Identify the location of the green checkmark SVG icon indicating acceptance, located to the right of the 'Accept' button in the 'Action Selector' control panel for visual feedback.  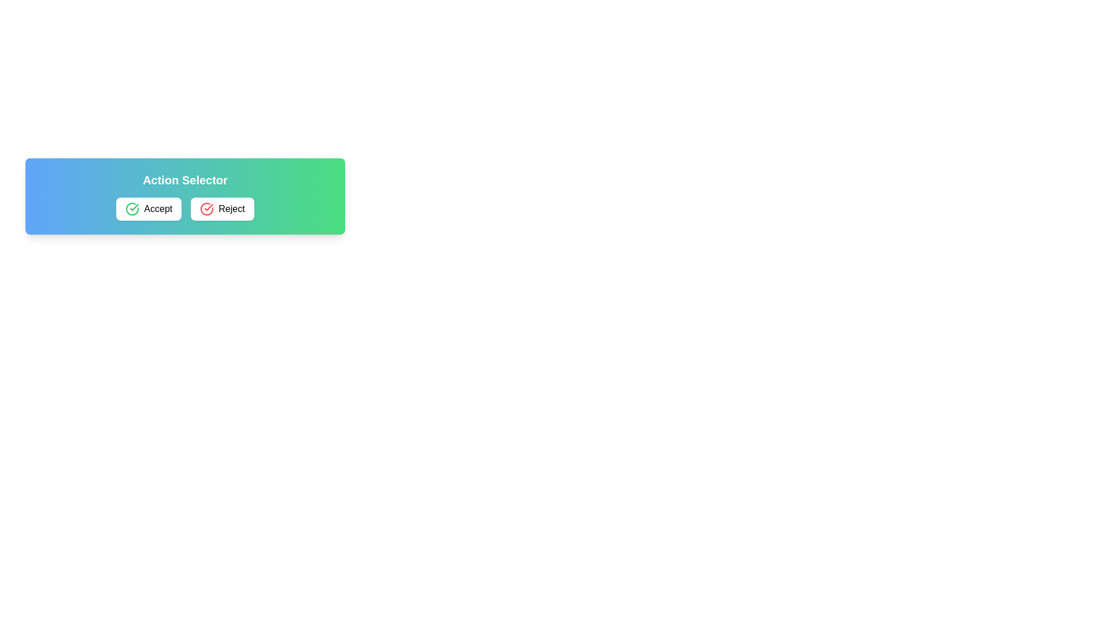
(134, 206).